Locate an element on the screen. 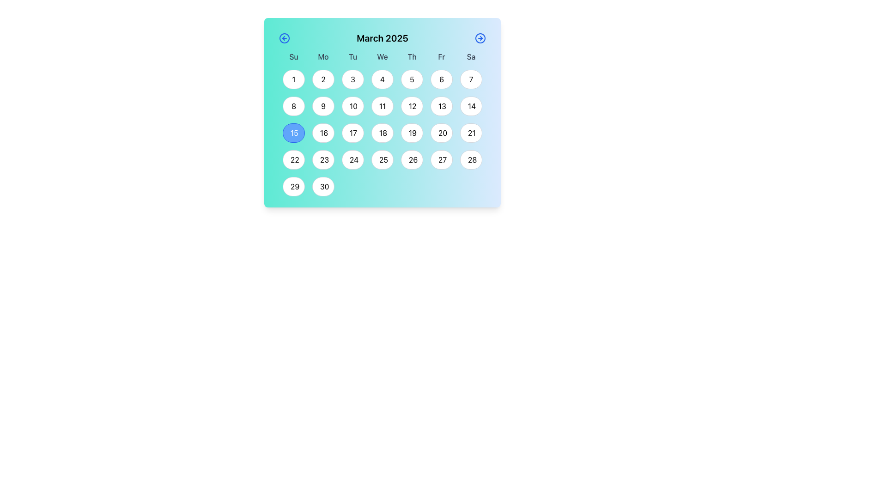  the header text displaying 'March 2025' in the top panel of the calendar interface is located at coordinates (383, 40).